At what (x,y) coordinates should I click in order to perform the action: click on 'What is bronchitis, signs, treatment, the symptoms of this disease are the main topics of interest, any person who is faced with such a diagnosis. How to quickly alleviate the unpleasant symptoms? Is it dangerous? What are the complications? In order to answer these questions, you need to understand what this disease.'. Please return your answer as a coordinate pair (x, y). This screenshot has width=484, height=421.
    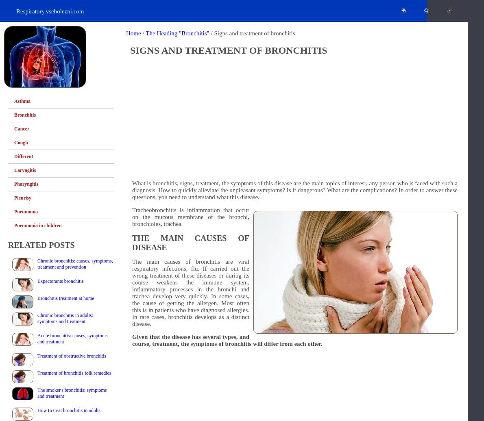
    Looking at the image, I should click on (294, 190).